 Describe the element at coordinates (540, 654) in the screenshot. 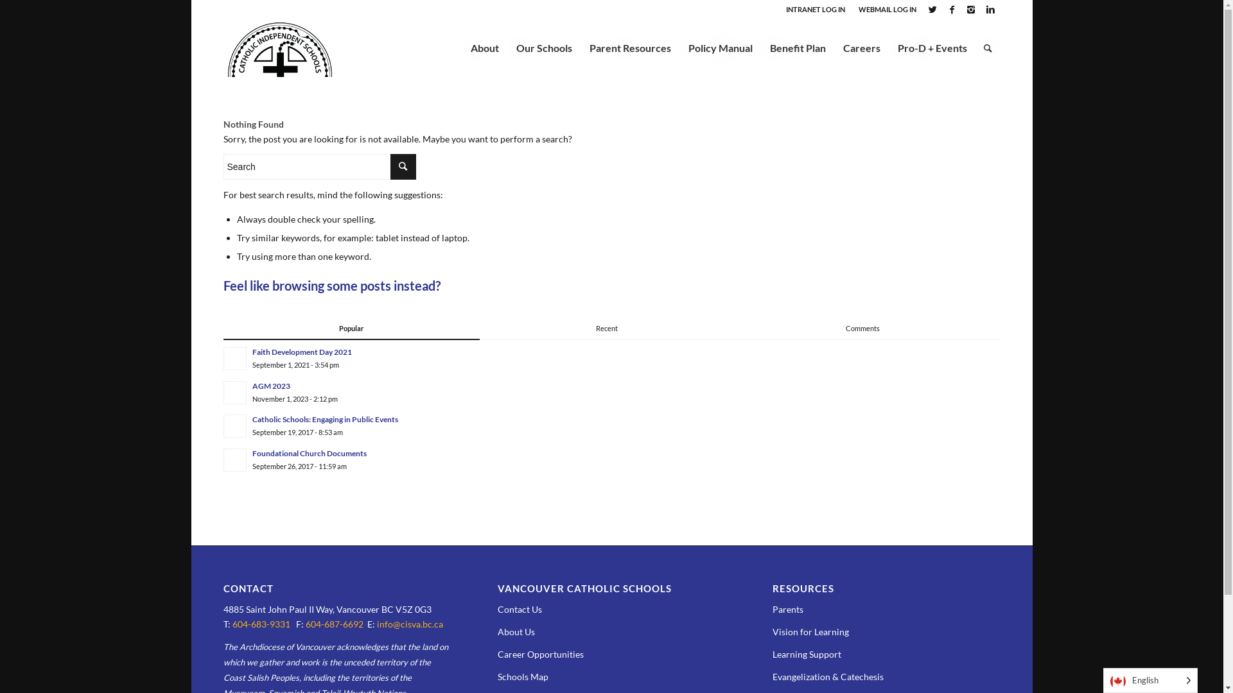

I see `'Career Opportunities'` at that location.